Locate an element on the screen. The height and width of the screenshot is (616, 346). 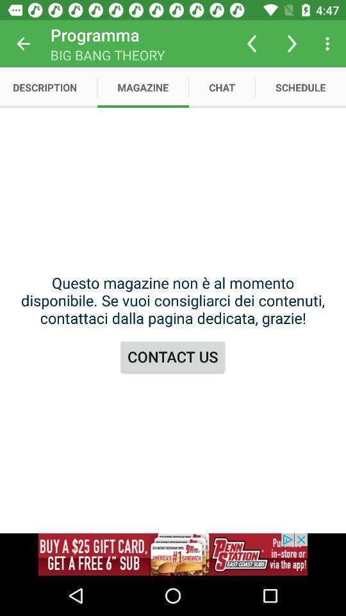
more options button is located at coordinates (329, 44).